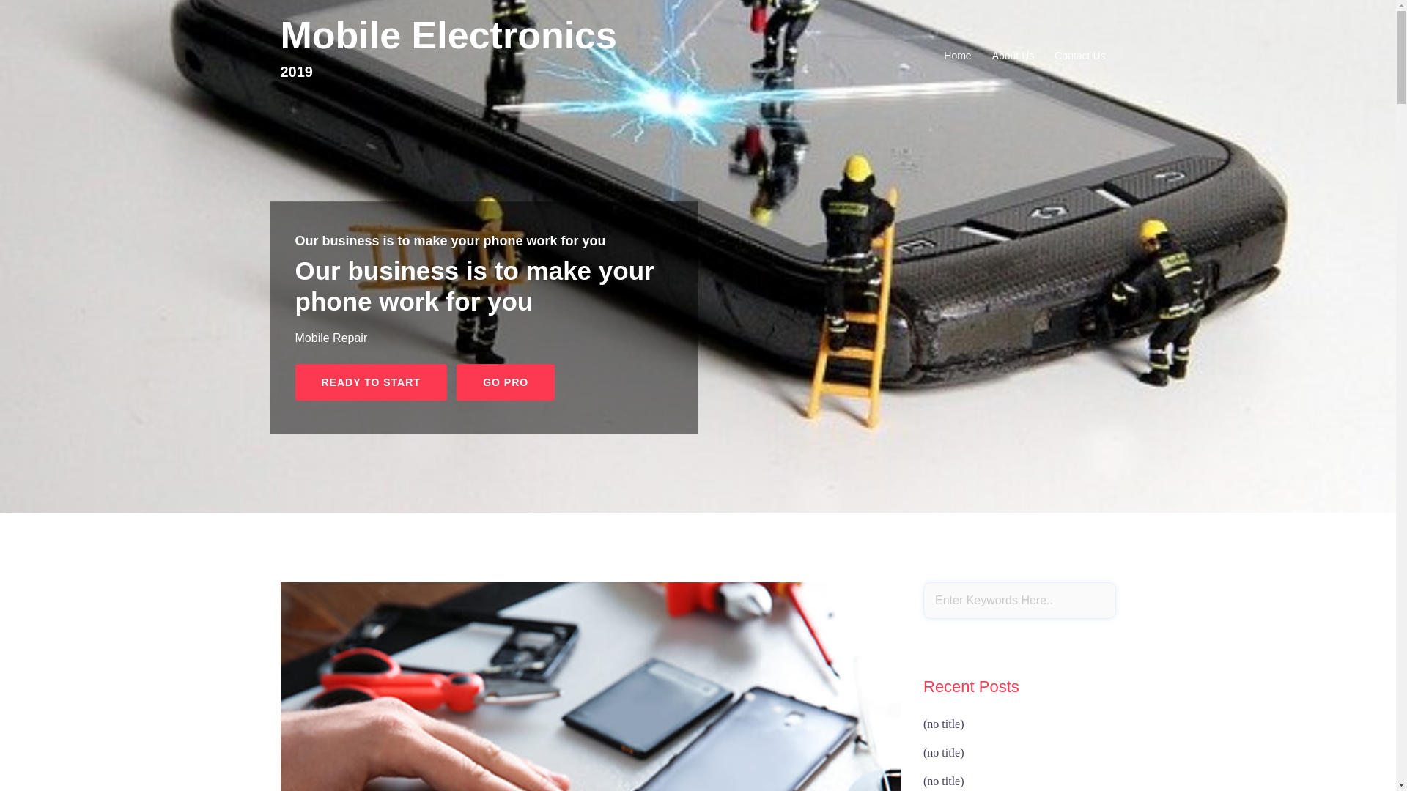  I want to click on '(no title)', so click(943, 723).